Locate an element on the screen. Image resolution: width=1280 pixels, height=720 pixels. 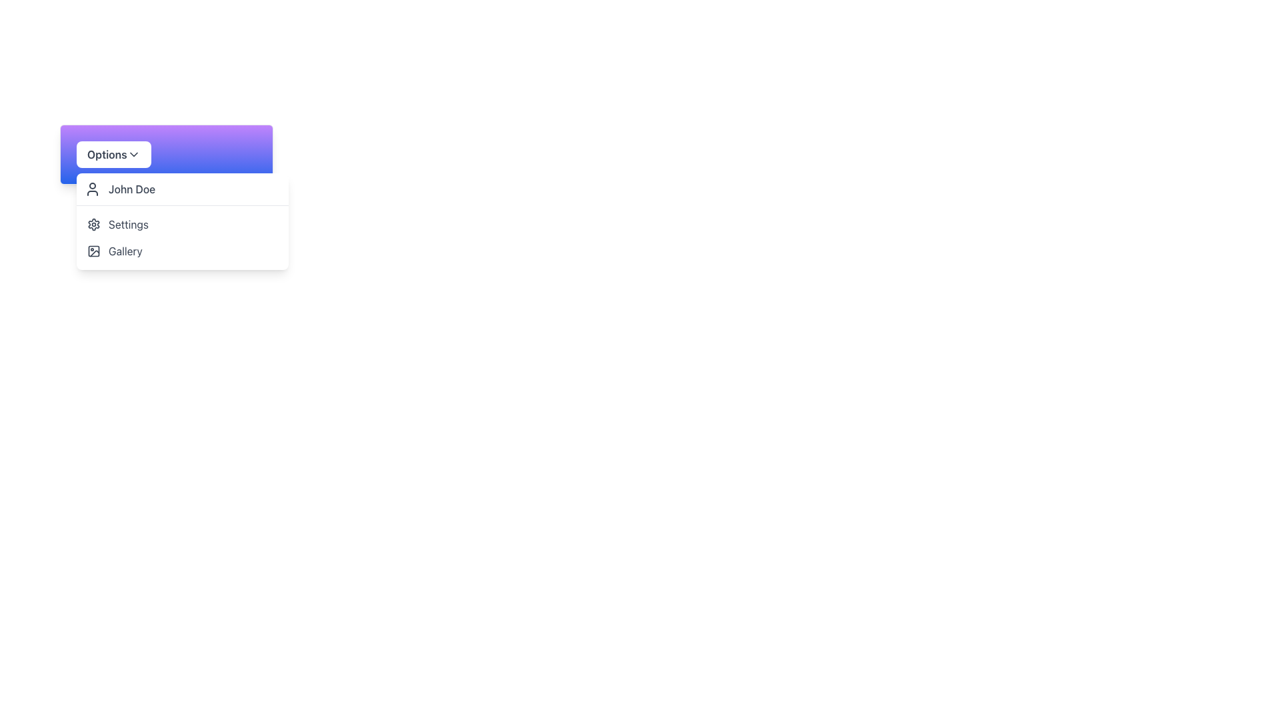
the dropdown menu options located at the bottom of the dropdown panel, which contains 'Settings' and 'Gallery' options is located at coordinates (181, 237).